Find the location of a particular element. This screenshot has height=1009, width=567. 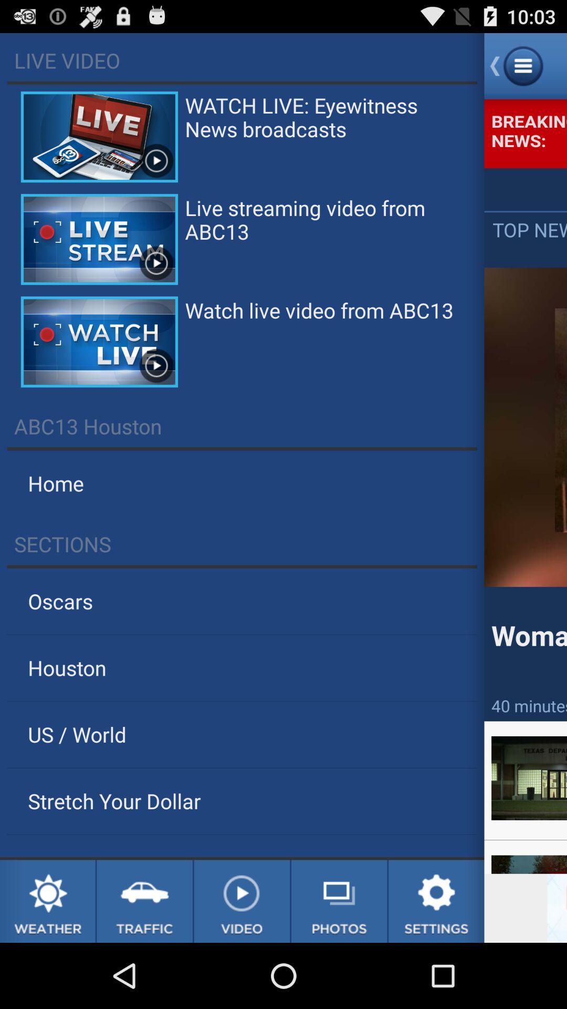

weather tool is located at coordinates (47, 901).